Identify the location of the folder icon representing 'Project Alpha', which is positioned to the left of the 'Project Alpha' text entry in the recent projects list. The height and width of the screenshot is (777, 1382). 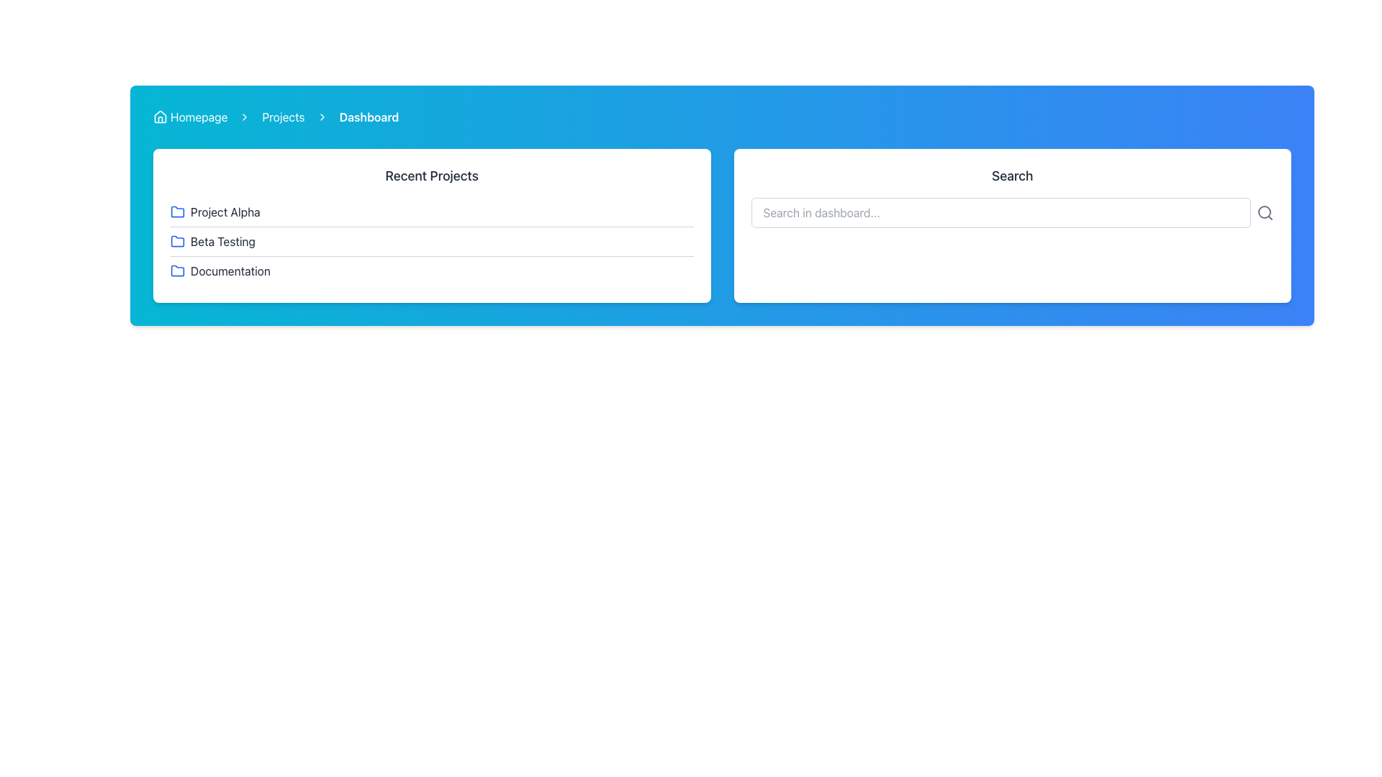
(176, 212).